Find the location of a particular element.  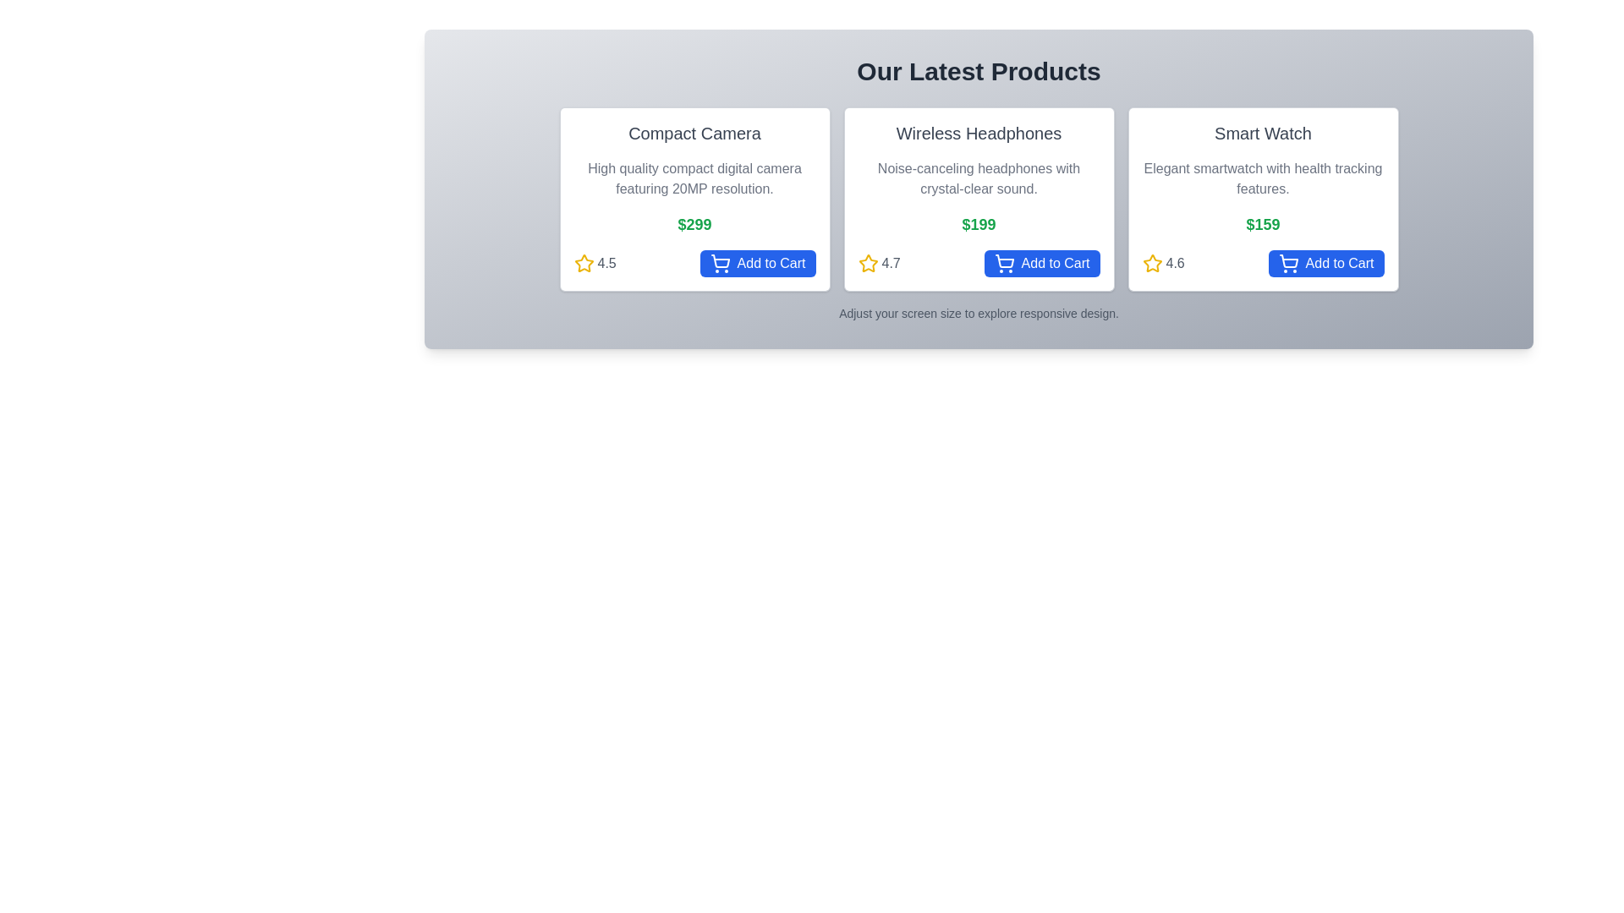

text label that serves as the title of the product item, located at the top of the product card on the left side of the horizontally aligned list is located at coordinates (694, 133).